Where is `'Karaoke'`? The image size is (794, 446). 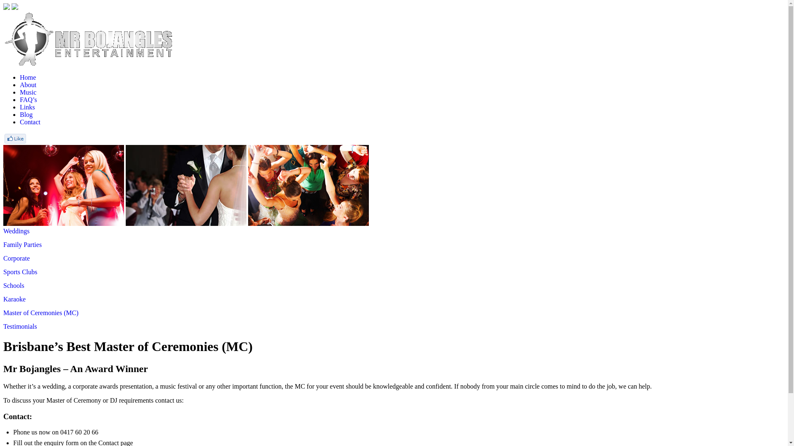 'Karaoke' is located at coordinates (3, 299).